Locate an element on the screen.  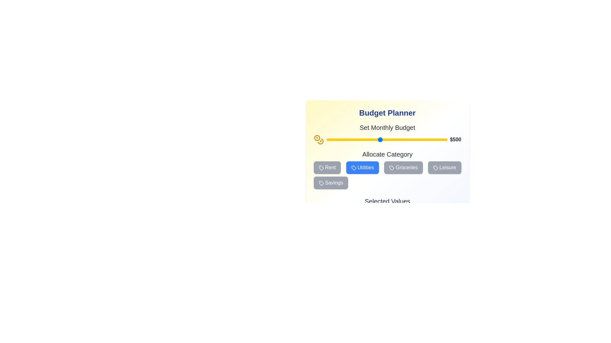
the button in the Interactive category selector located within the 'Budget Planner' panel is located at coordinates (387, 169).